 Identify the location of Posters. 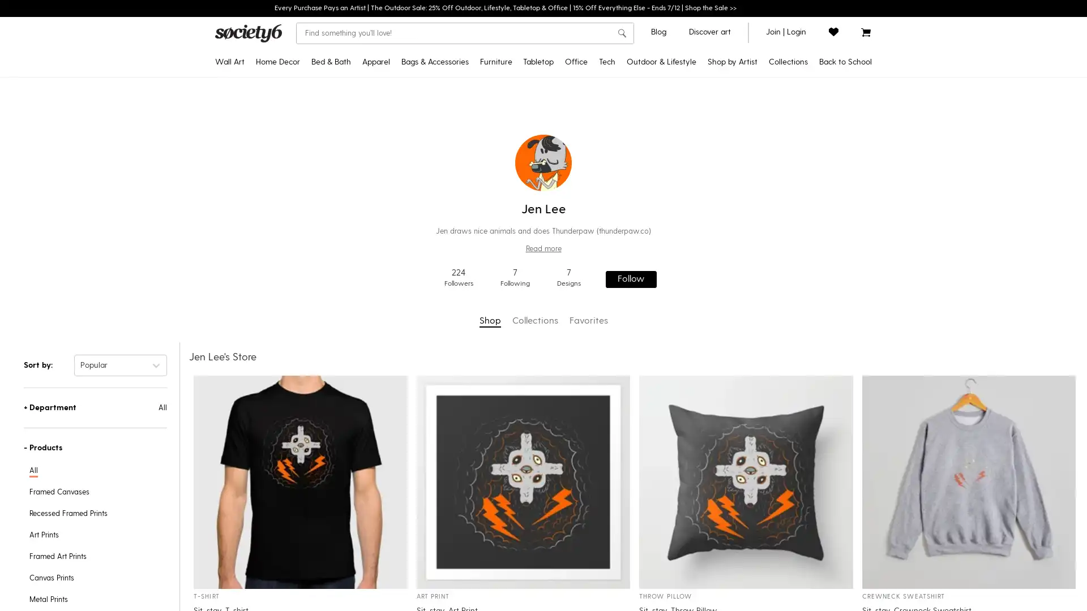
(266, 200).